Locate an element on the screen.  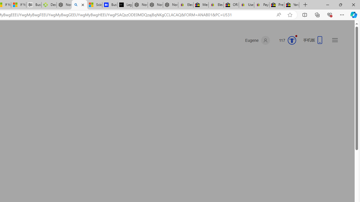
'Press Room - eBay Inc.' is located at coordinates (276, 5).